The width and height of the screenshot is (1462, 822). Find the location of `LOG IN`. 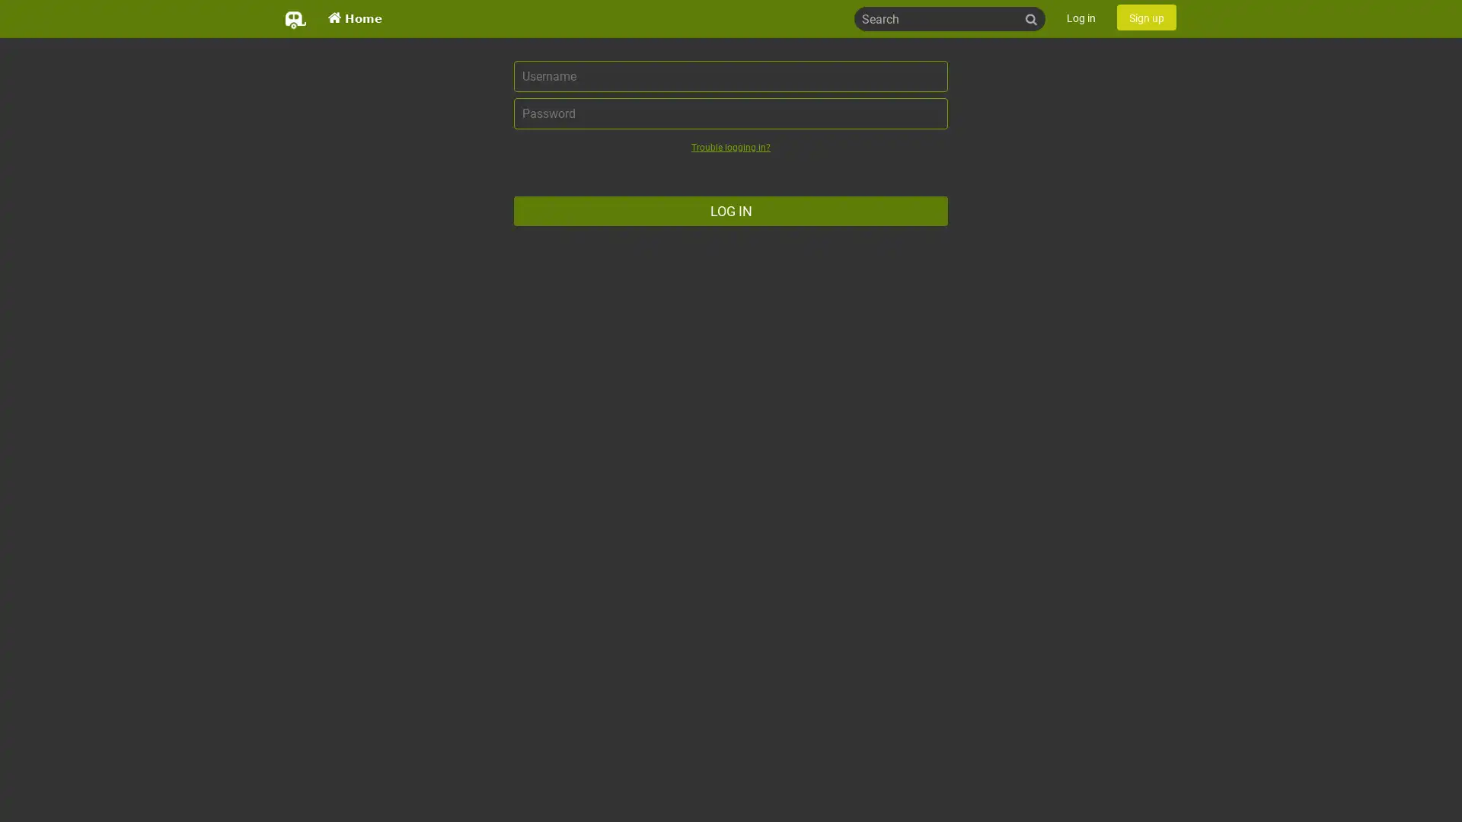

LOG IN is located at coordinates (731, 211).